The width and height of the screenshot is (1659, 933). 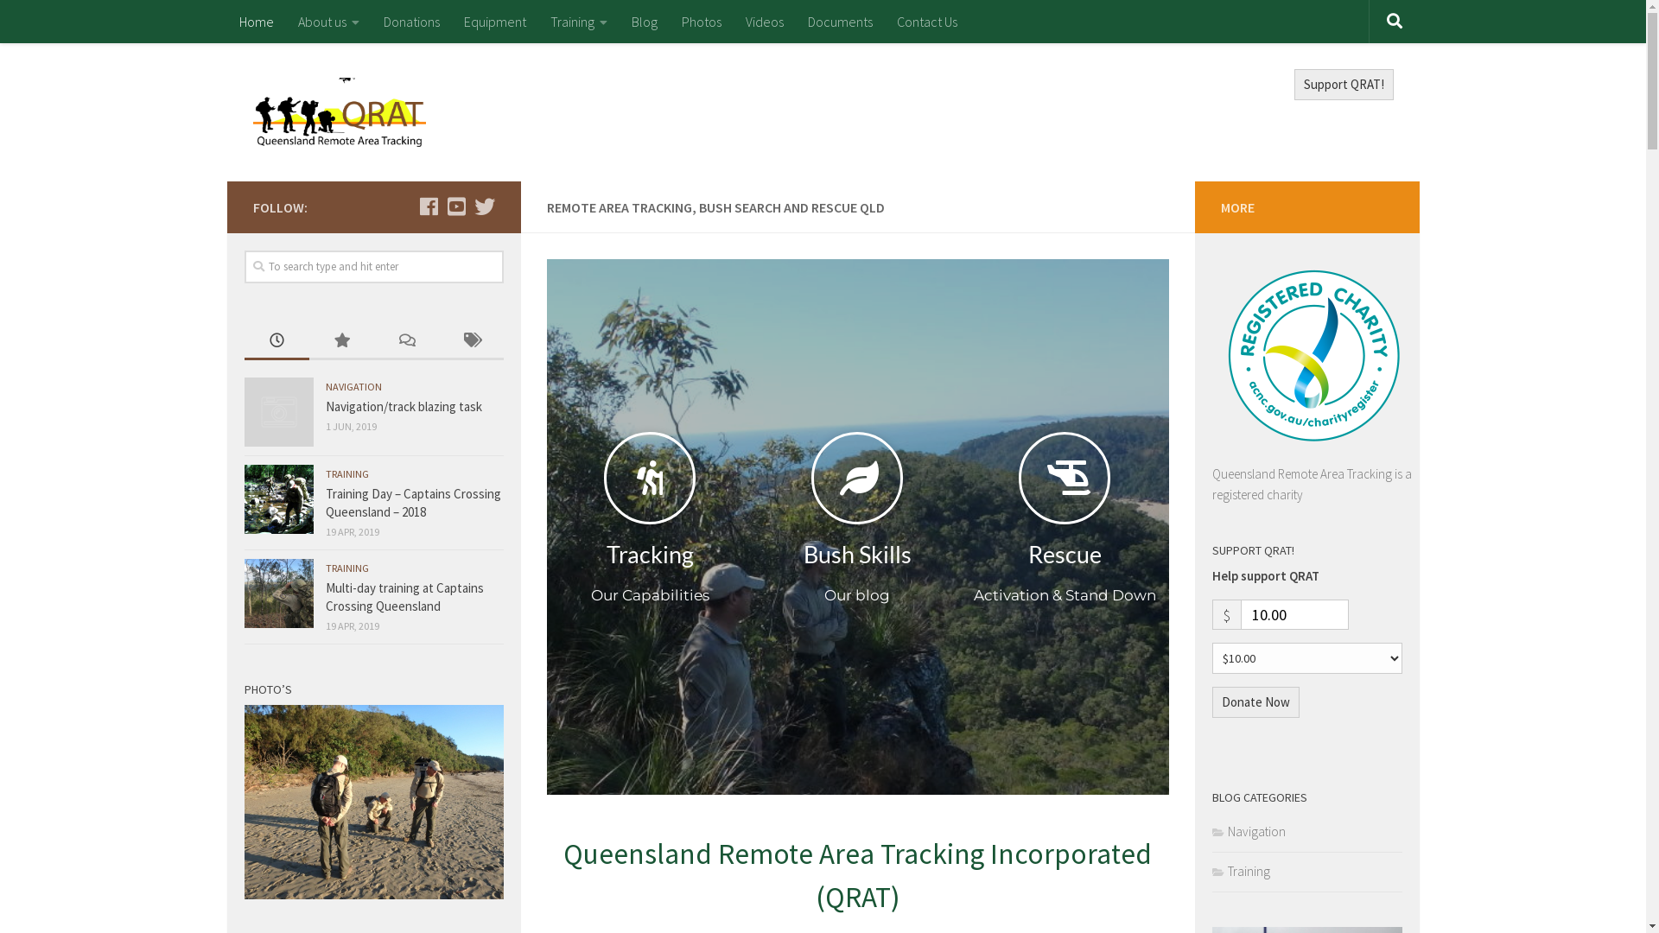 I want to click on 'Photos', so click(x=701, y=21).